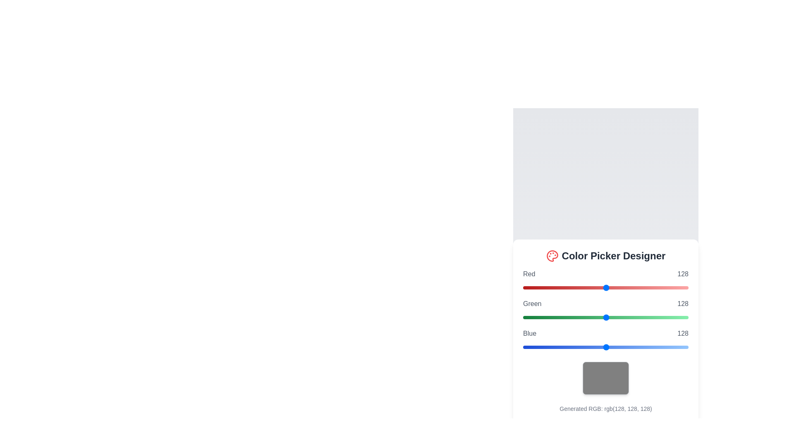 The height and width of the screenshot is (446, 794). I want to click on the blue slider to set its value to 92, so click(582, 347).